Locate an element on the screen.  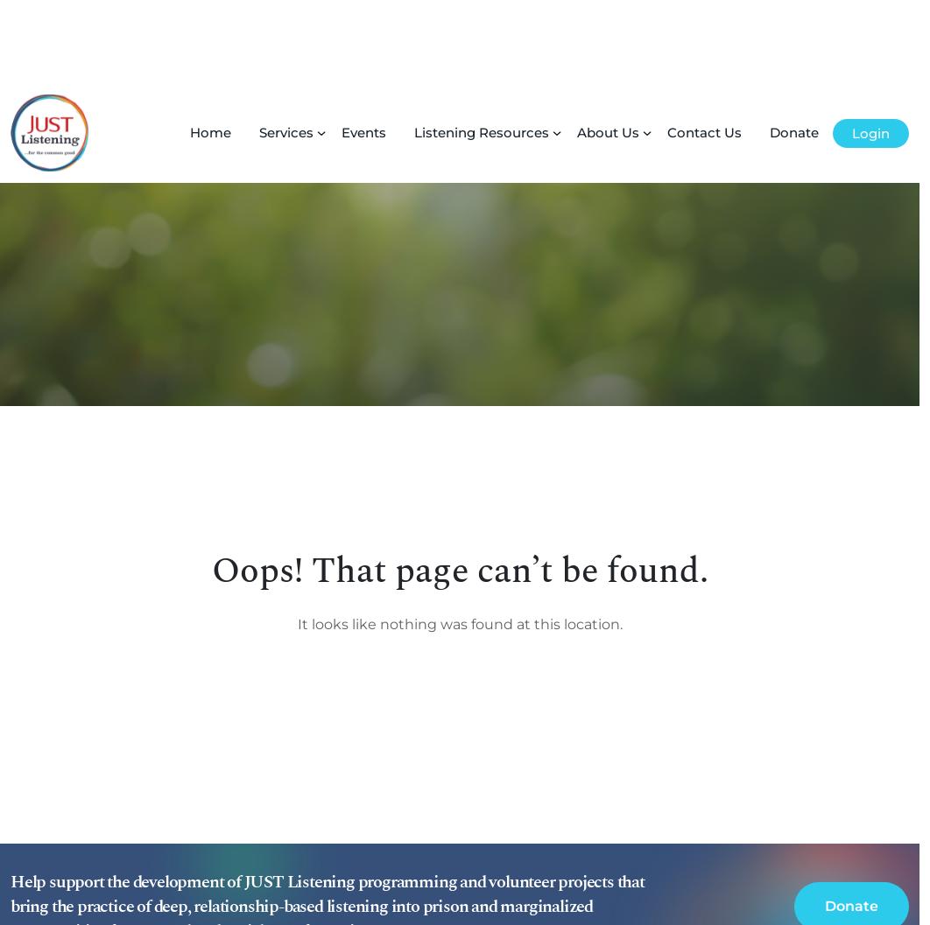
'Oops! That page can’t be found.' is located at coordinates (458, 487).